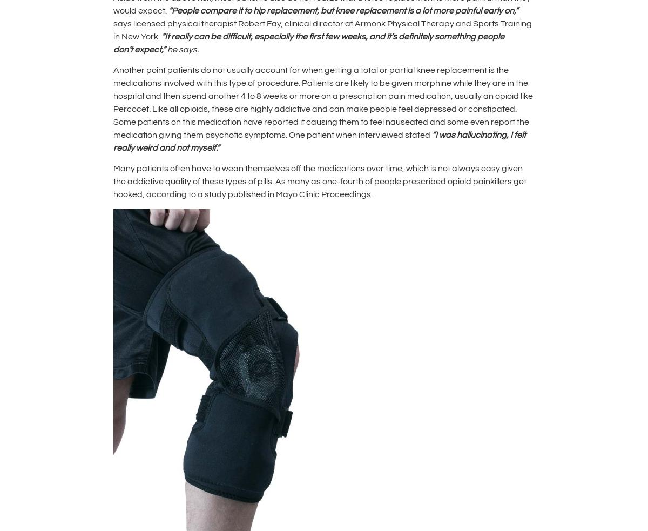  Describe the element at coordinates (212, 9) in the screenshot. I see `'People compare it to'` at that location.